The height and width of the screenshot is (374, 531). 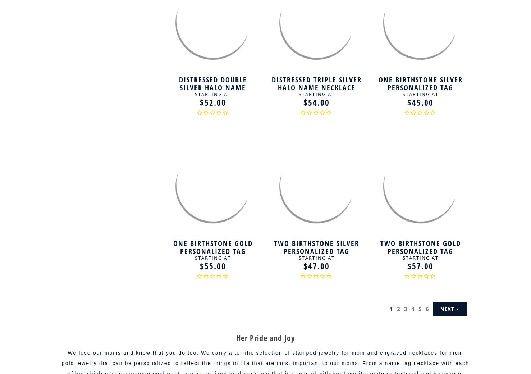 I want to click on '$57.00', so click(x=407, y=266).